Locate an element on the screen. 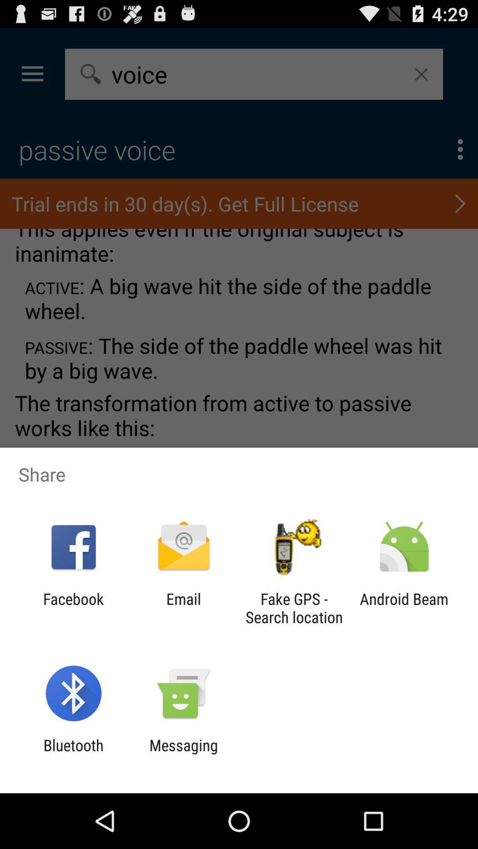 This screenshot has width=478, height=849. app to the right of bluetooth app is located at coordinates (183, 754).